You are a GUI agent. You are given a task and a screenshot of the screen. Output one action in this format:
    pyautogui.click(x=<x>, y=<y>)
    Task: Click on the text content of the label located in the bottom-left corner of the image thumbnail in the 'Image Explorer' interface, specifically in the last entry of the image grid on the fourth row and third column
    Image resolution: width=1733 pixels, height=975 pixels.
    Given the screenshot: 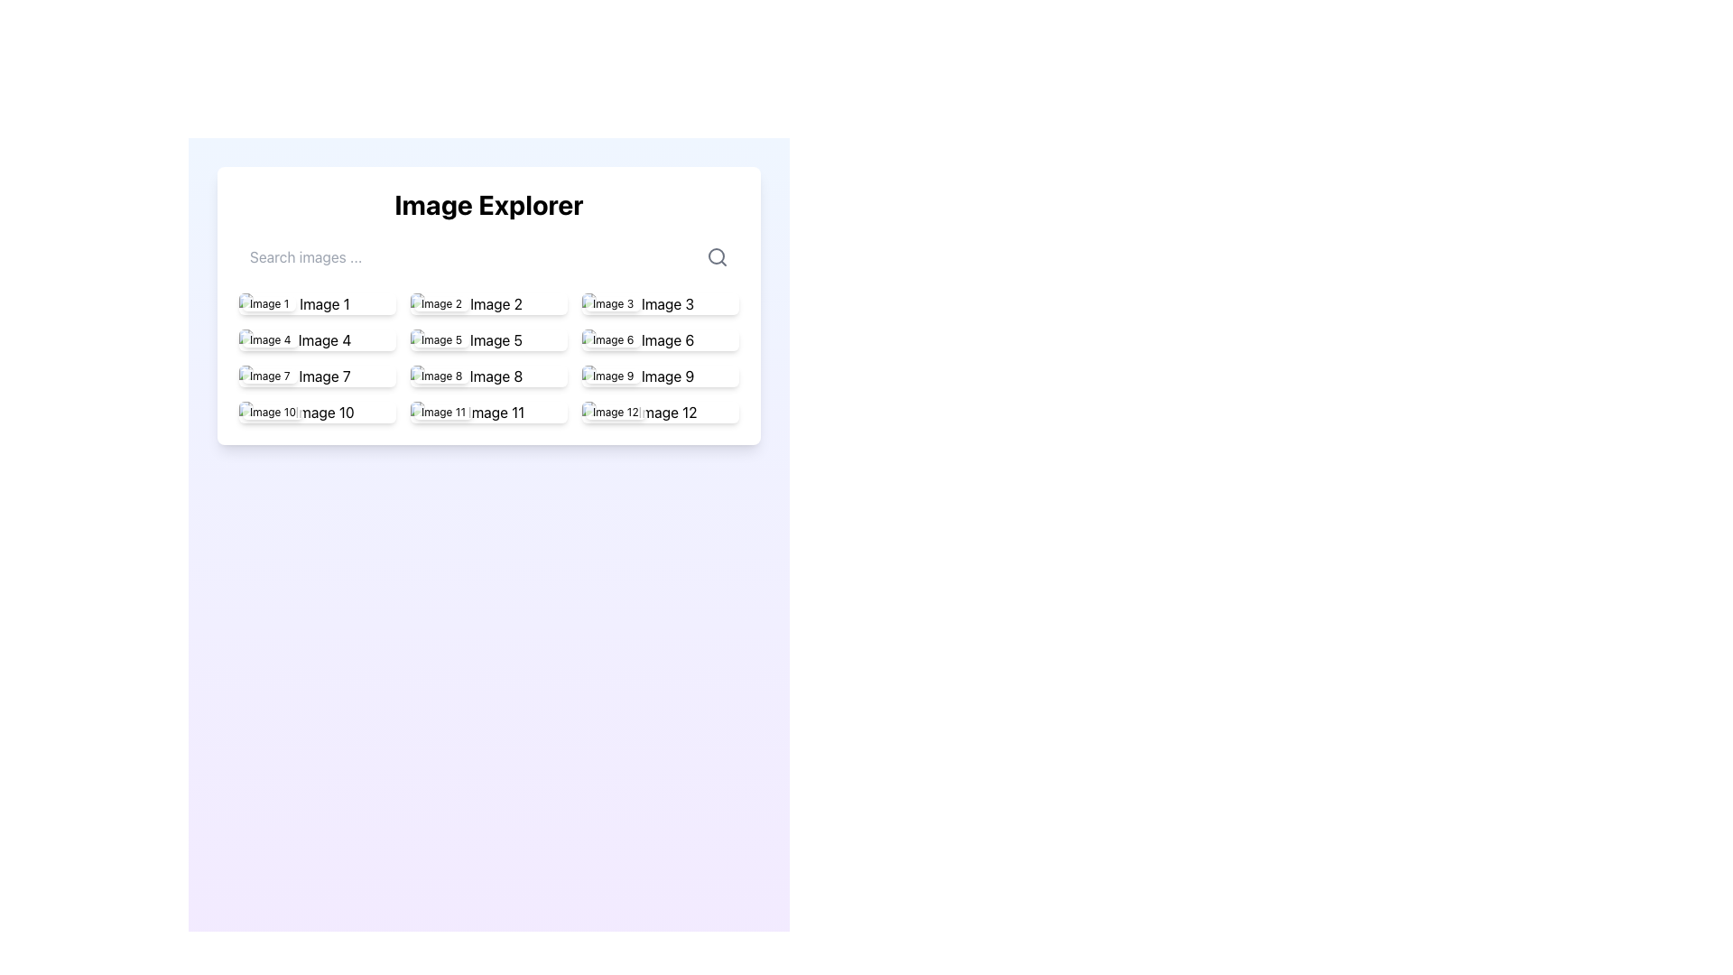 What is the action you would take?
    pyautogui.click(x=616, y=412)
    